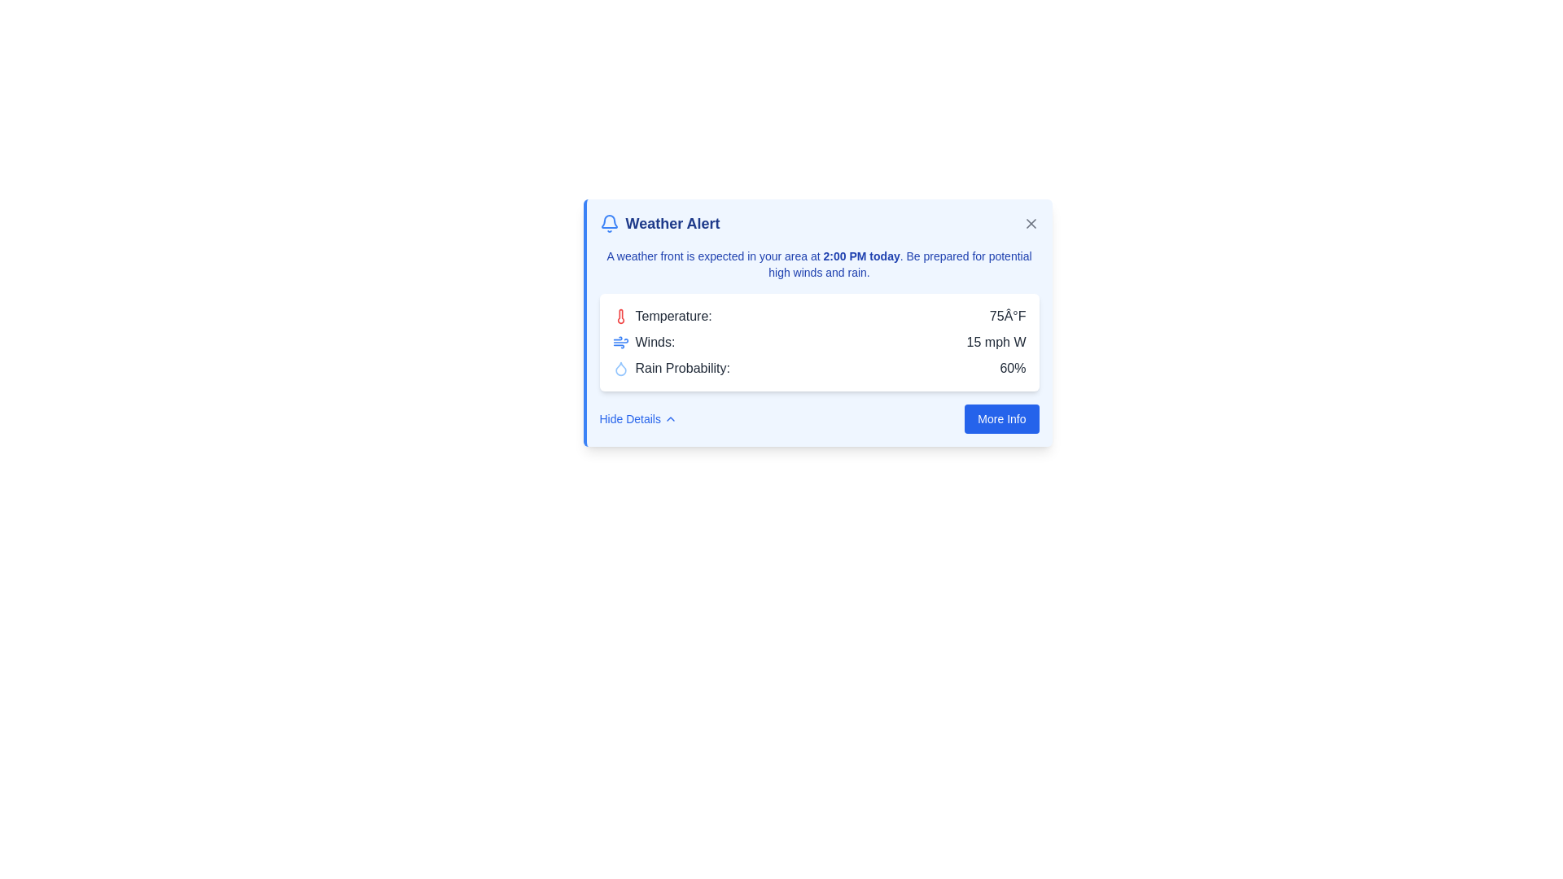 This screenshot has width=1563, height=879. Describe the element at coordinates (620, 369) in the screenshot. I see `the SVG icon representing a droplet located at the top left of the notification card, adjacent to the title text 'Weather Alert'` at that location.